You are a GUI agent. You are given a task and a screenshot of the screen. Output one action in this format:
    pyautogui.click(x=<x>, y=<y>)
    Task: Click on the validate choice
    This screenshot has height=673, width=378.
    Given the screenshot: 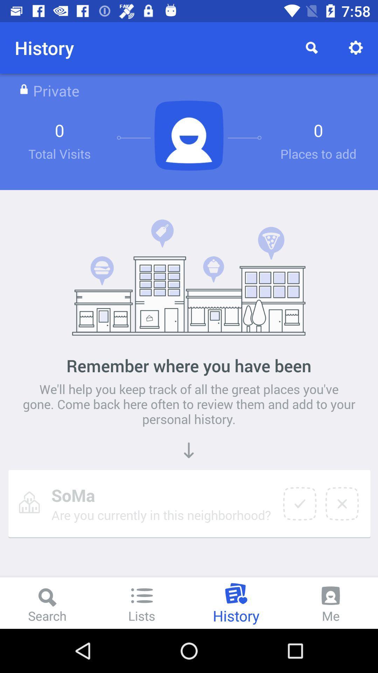 What is the action you would take?
    pyautogui.click(x=299, y=503)
    